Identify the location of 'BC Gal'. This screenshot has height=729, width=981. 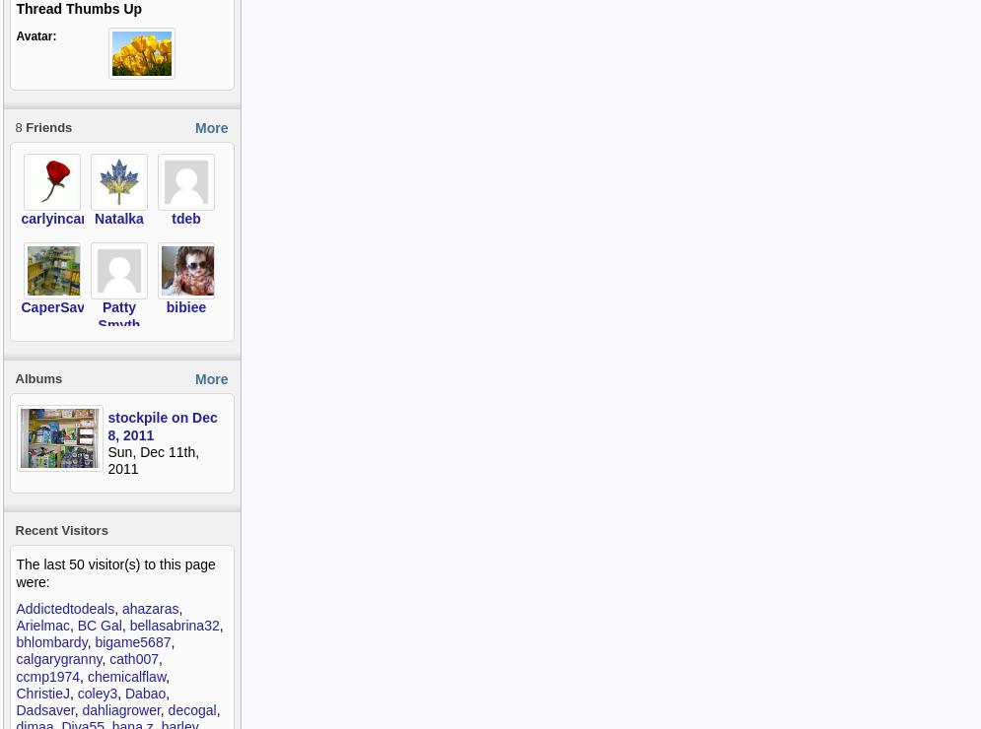
(99, 624).